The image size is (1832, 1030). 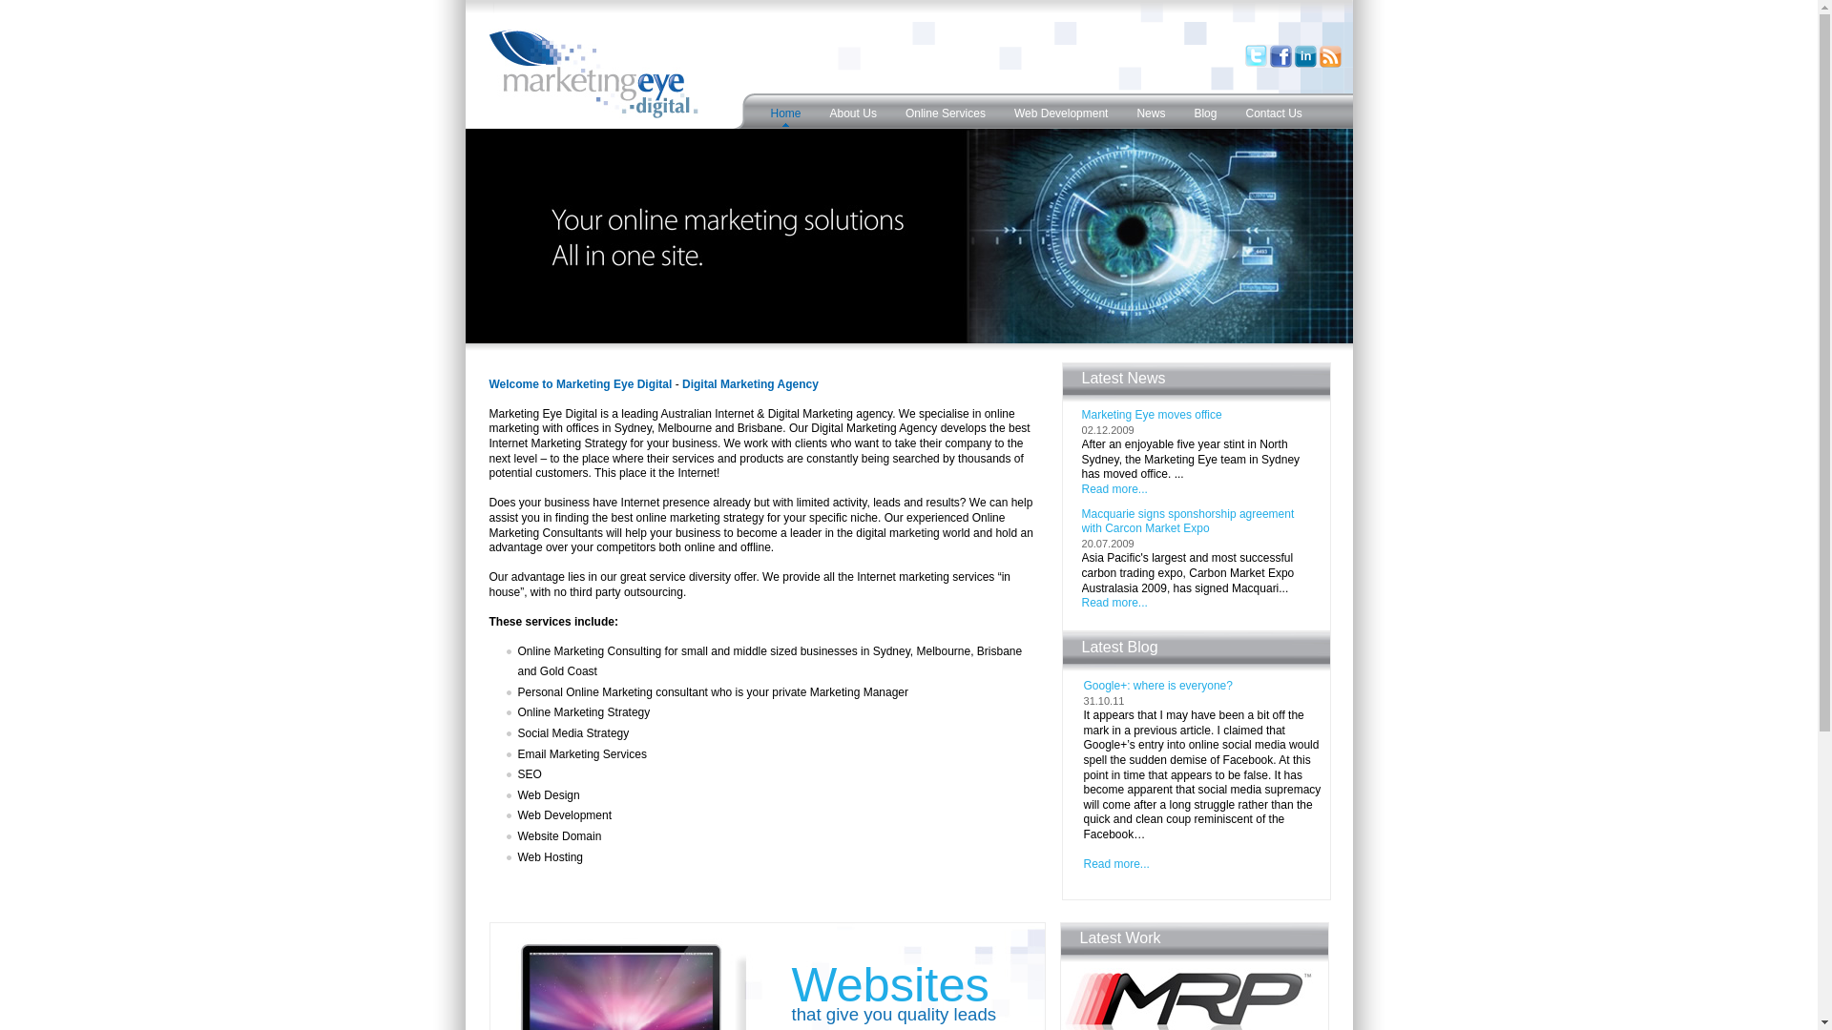 What do you see at coordinates (1203, 110) in the screenshot?
I see `'Blog'` at bounding box center [1203, 110].